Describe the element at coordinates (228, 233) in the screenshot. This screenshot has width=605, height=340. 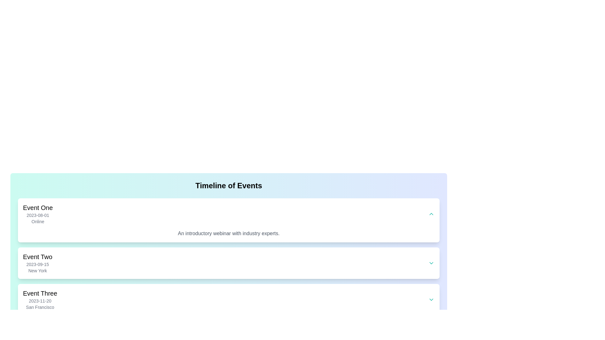
I see `the Text Label providing details about 'Event One', which specifies it as an introductory webinar with industry experts, located below the date and location details` at that location.